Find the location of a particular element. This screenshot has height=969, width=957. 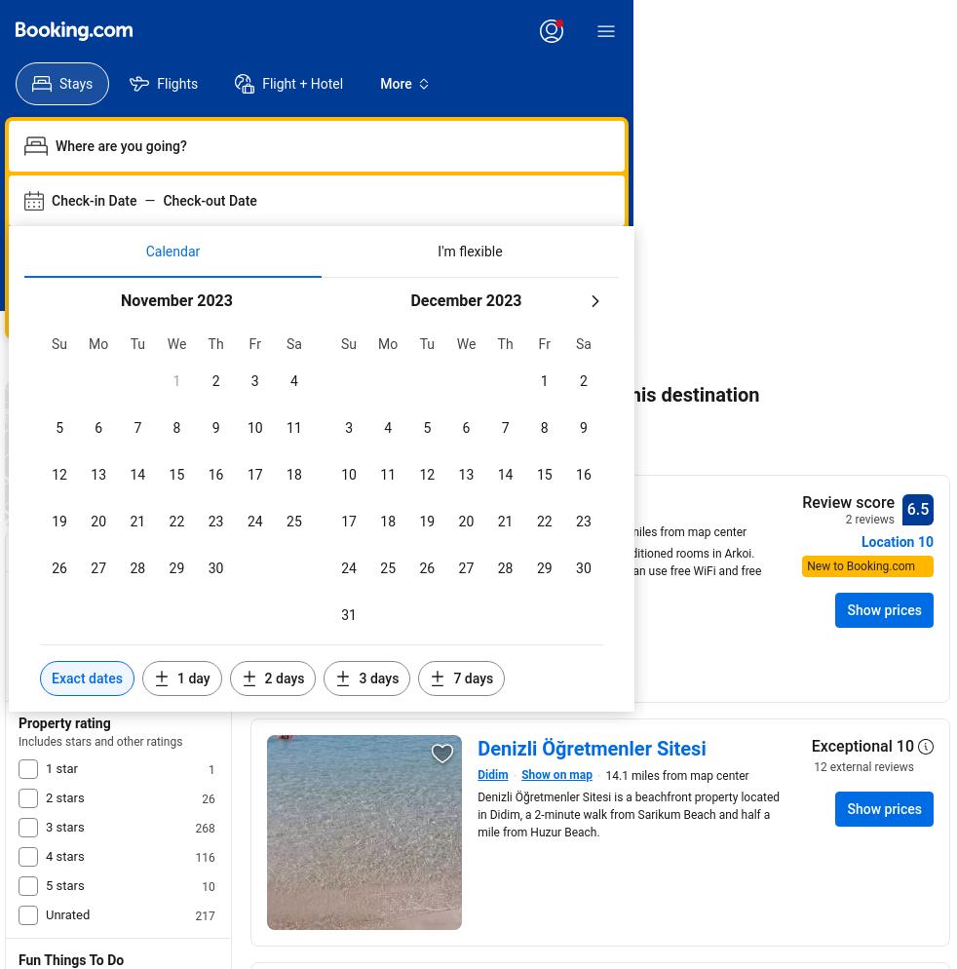

'1' is located at coordinates (211, 770).